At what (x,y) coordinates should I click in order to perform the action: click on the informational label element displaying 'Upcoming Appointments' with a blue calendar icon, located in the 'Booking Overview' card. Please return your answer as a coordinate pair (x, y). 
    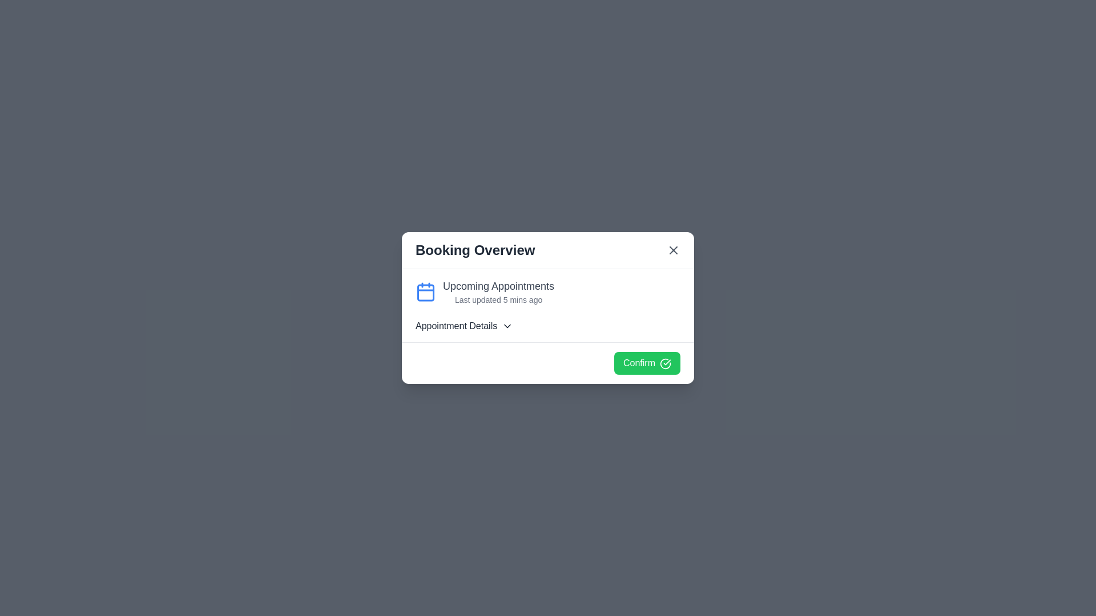
    Looking at the image, I should click on (548, 291).